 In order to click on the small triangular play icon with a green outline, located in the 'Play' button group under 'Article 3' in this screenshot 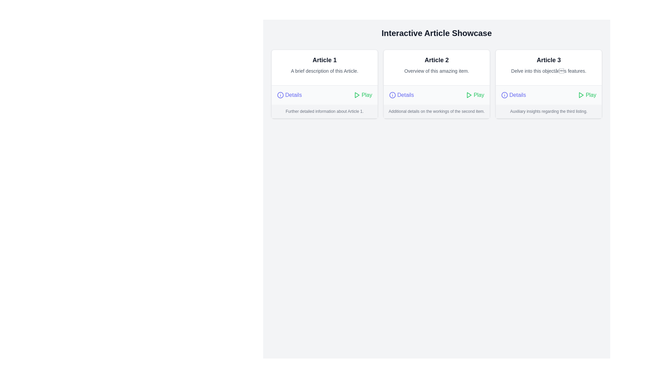, I will do `click(580, 95)`.